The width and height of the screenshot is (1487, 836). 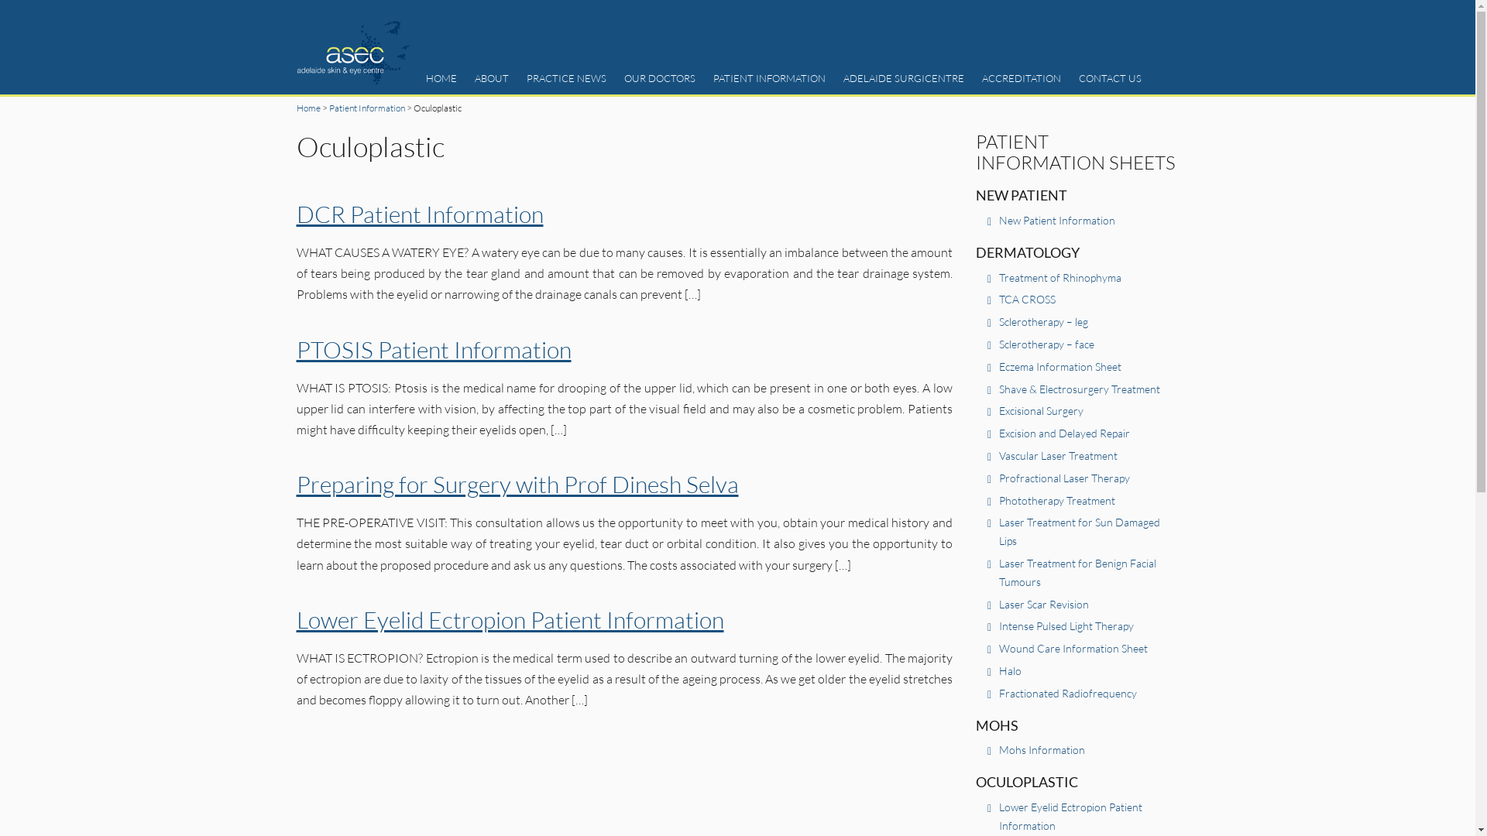 What do you see at coordinates (1027, 299) in the screenshot?
I see `'TCA CROSS'` at bounding box center [1027, 299].